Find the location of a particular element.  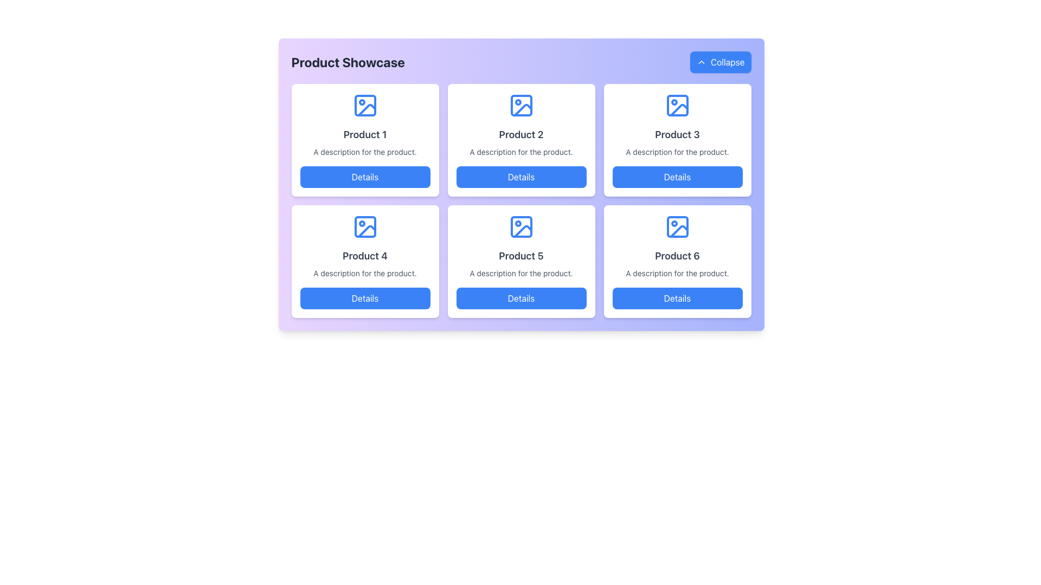

the 'Product Showcase' text label, which is a bold, large font label on a light gradient background in the header section is located at coordinates (348, 62).